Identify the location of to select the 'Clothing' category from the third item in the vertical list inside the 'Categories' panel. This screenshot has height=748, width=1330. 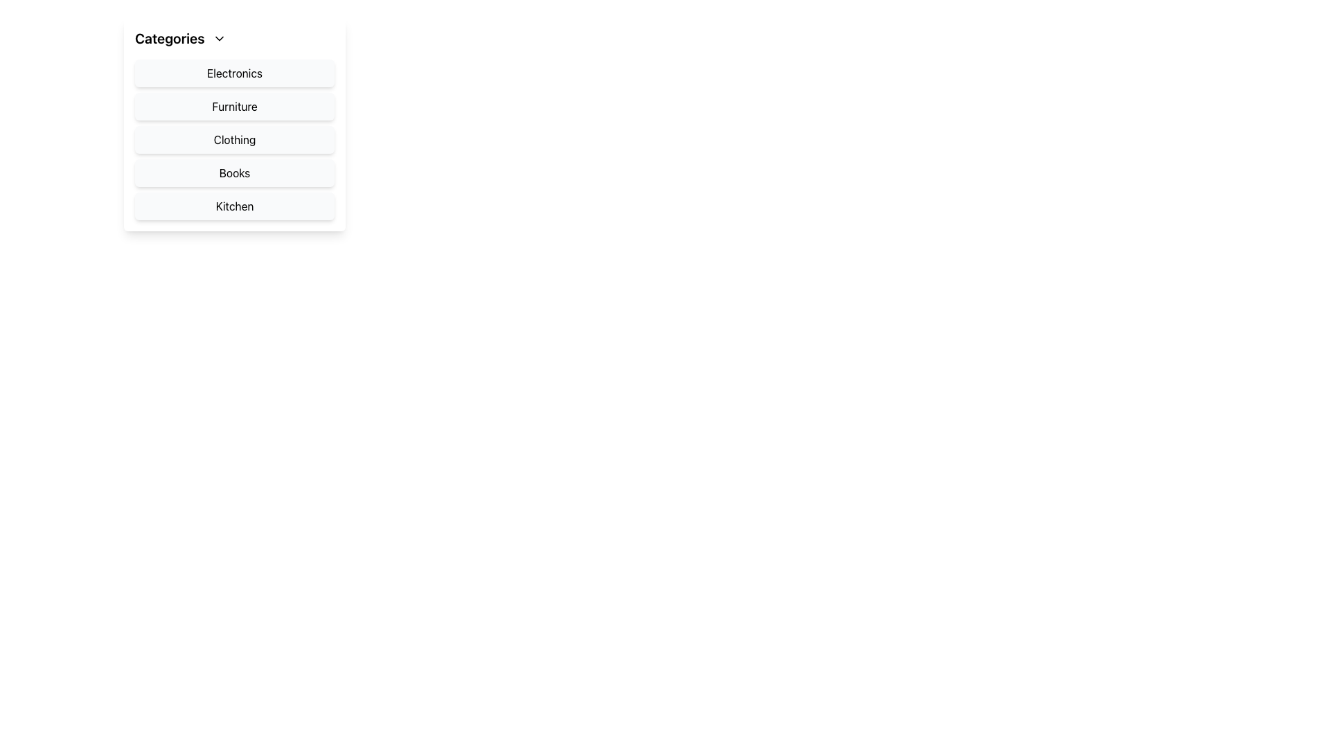
(235, 139).